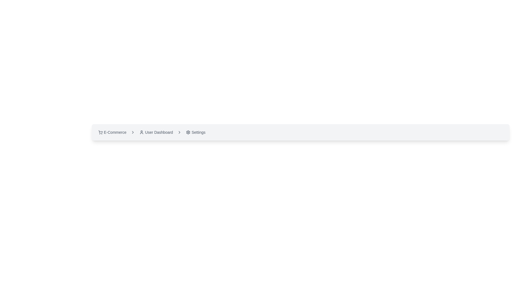 The image size is (526, 296). Describe the element at coordinates (142, 132) in the screenshot. I see `the 'User Dashboard' icon located in the navigation bar` at that location.